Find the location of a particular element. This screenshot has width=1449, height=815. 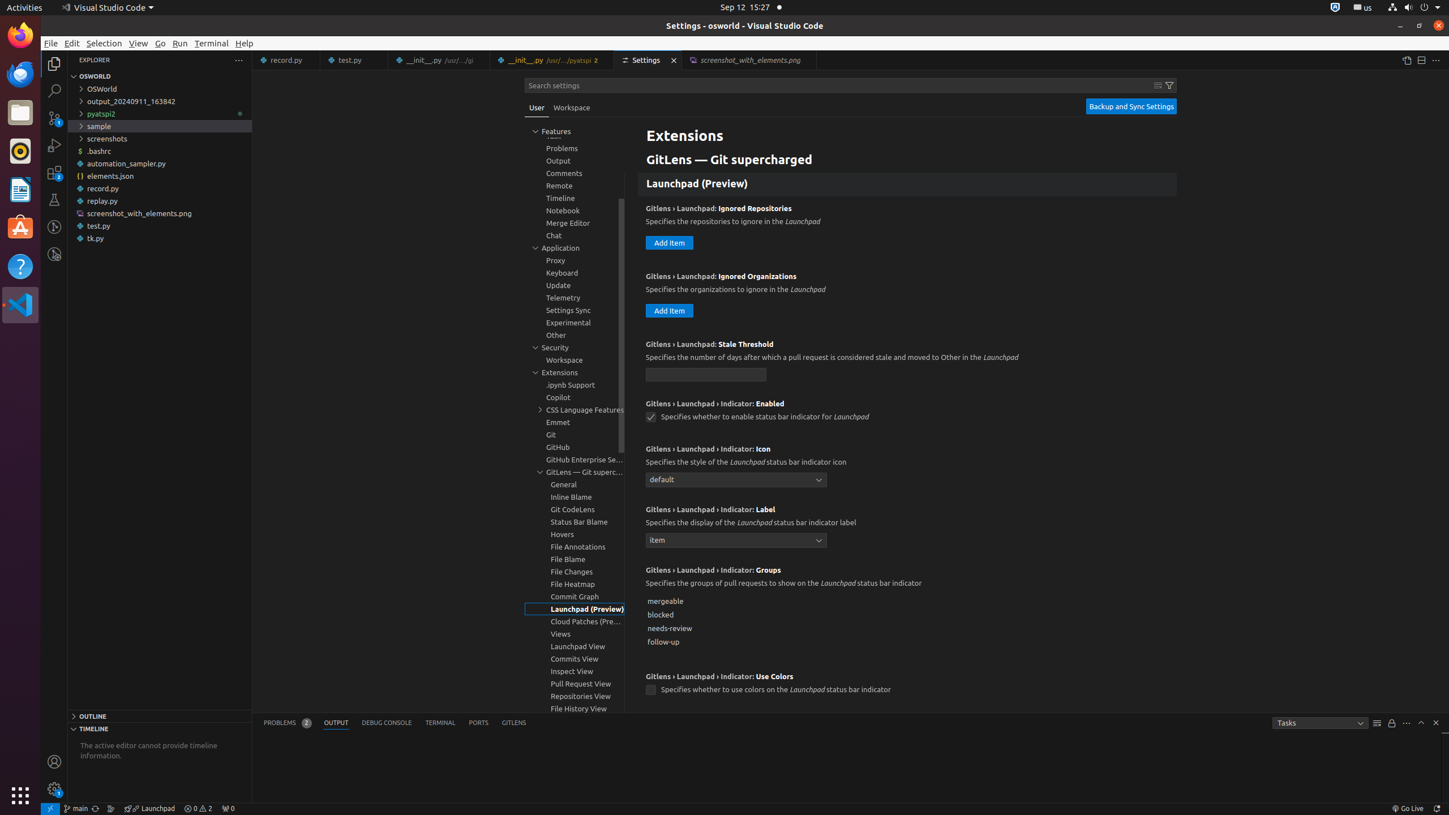

'replay.py' is located at coordinates (159, 200).